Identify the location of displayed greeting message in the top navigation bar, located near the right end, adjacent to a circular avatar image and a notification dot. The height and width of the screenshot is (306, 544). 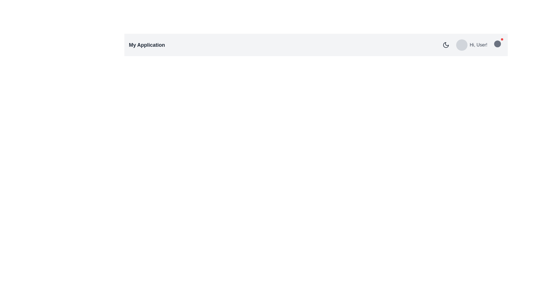
(478, 44).